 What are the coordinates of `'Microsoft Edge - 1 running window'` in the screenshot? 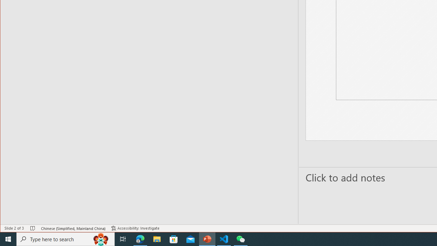 It's located at (140, 238).